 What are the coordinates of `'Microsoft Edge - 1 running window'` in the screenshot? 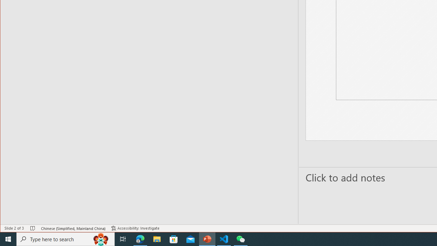 It's located at (140, 238).